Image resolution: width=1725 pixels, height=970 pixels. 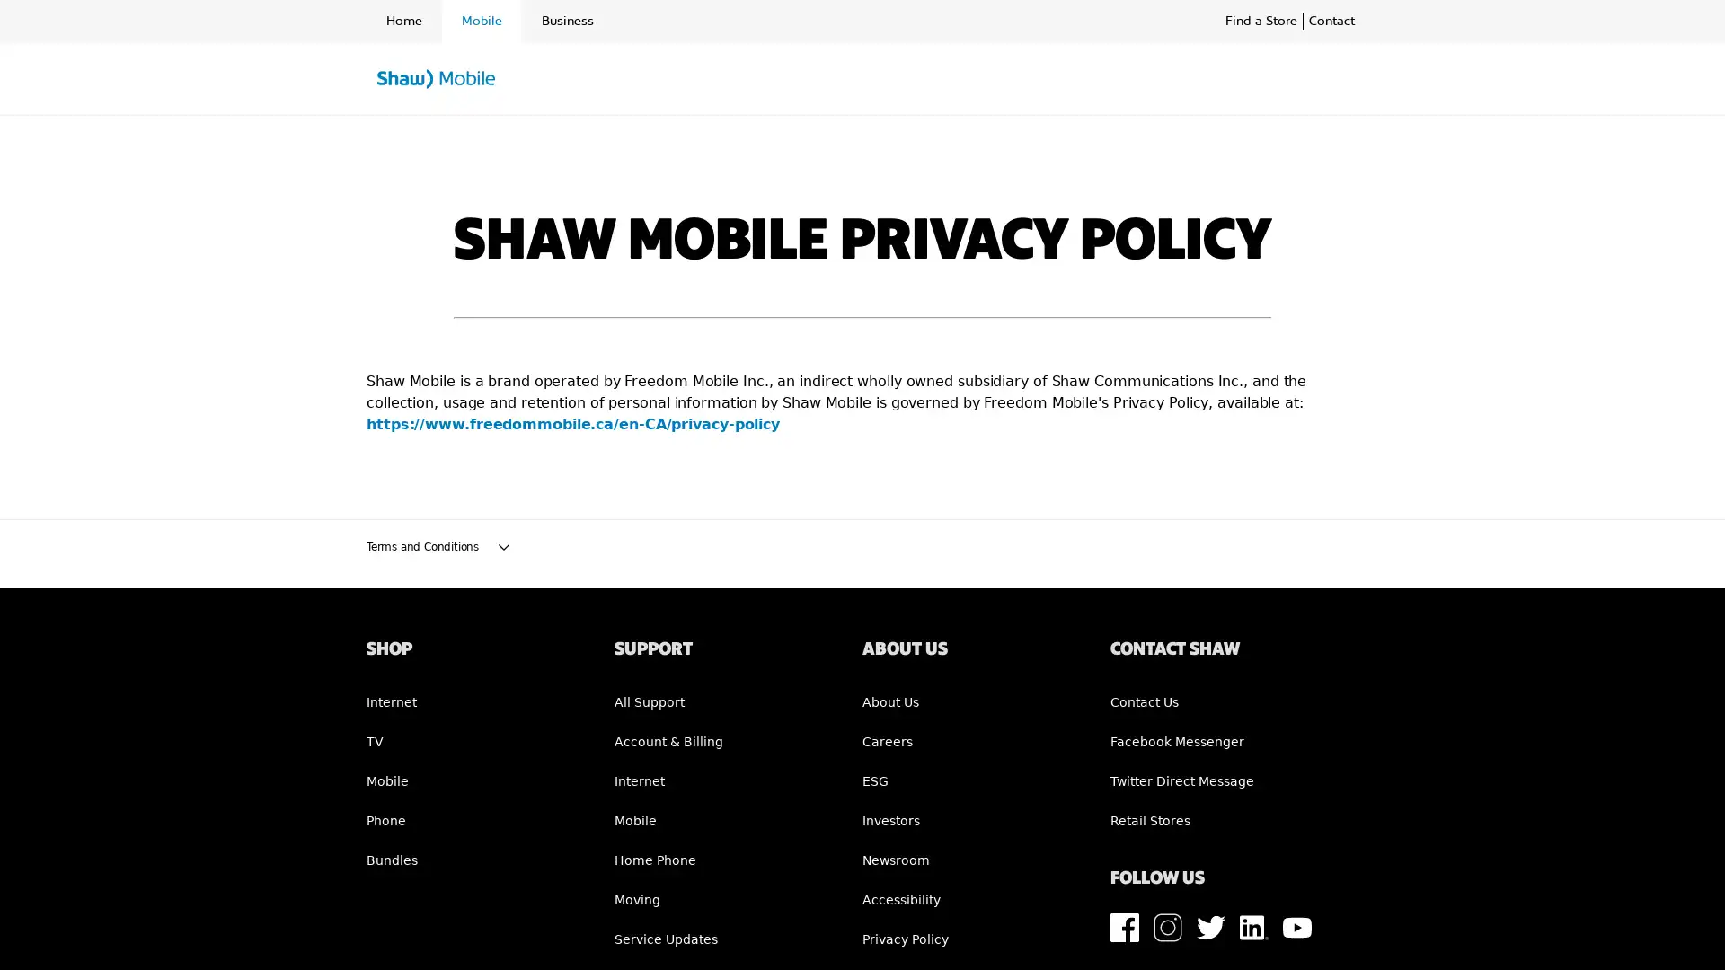 What do you see at coordinates (871, 79) in the screenshot?
I see `Support` at bounding box center [871, 79].